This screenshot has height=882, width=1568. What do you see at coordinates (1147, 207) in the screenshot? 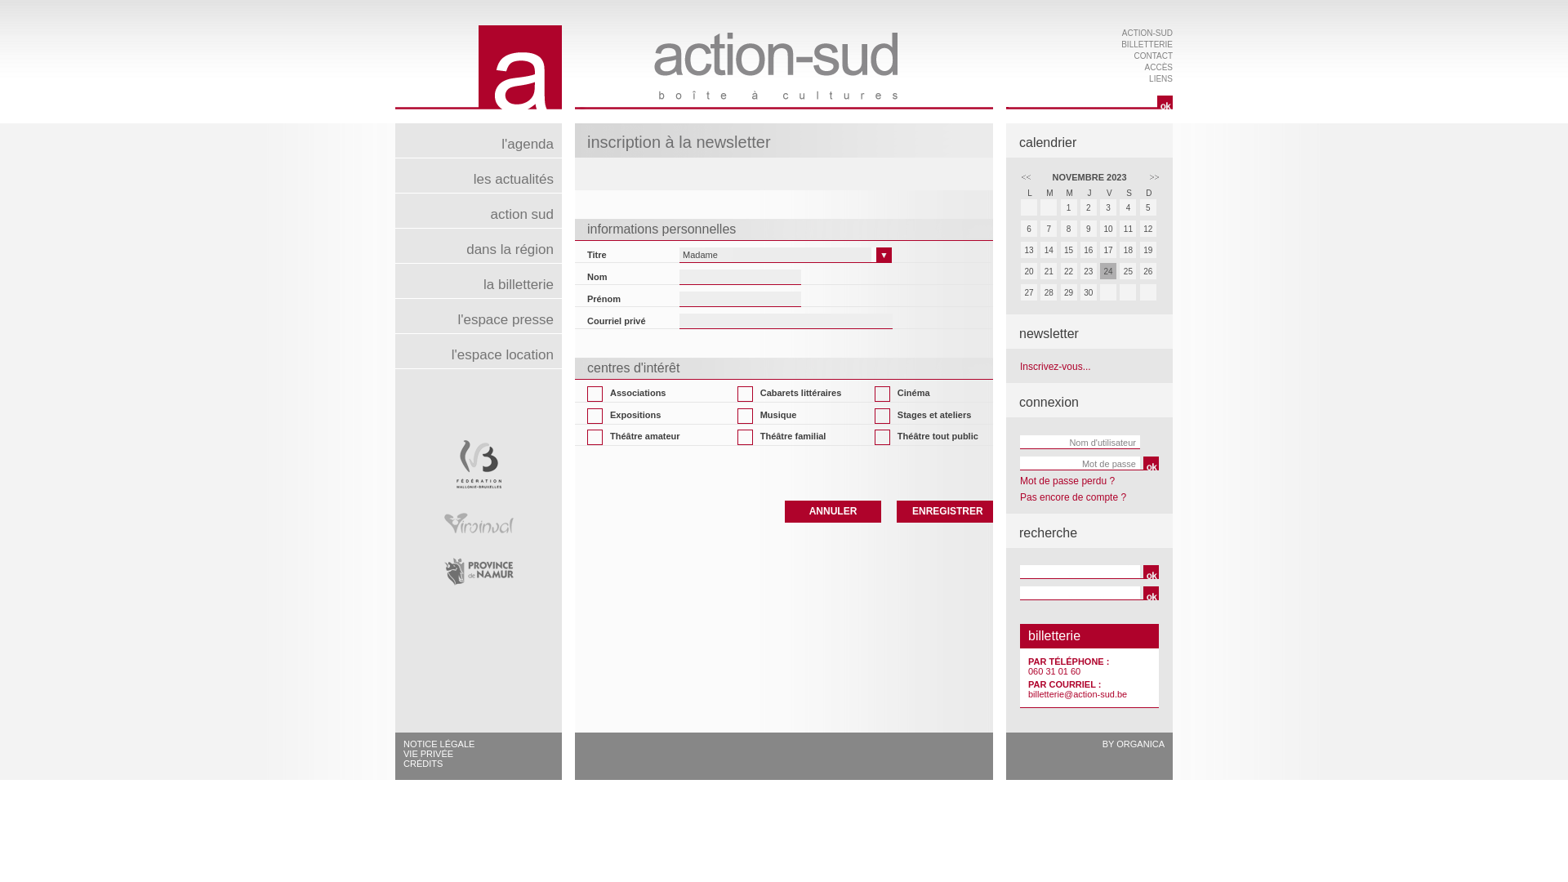
I see `'5'` at bounding box center [1147, 207].